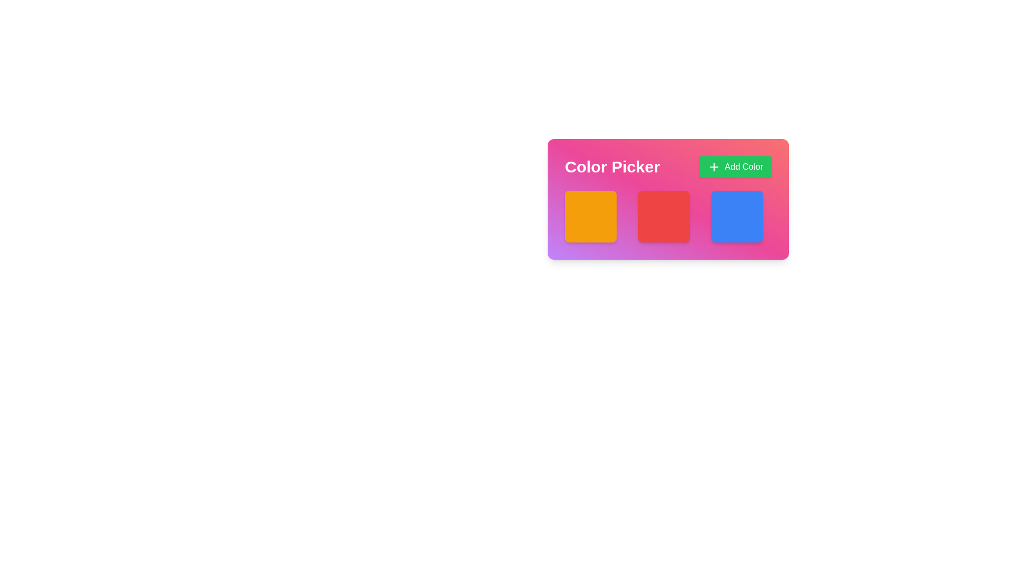 The width and height of the screenshot is (1034, 582). Describe the element at coordinates (761, 200) in the screenshot. I see `the delete button located at the top-right corner of the rightmost blue square` at that location.